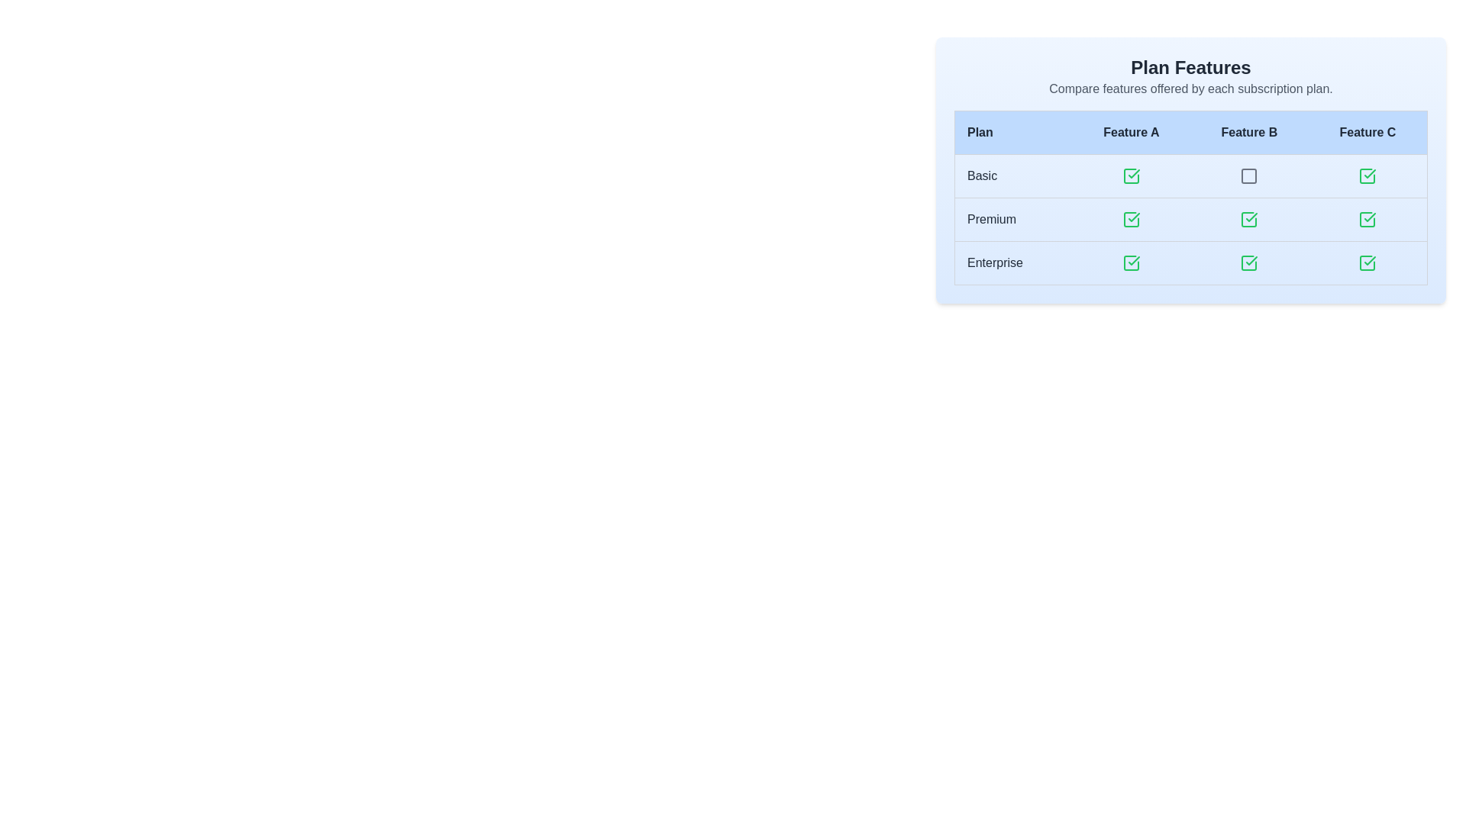  Describe the element at coordinates (1368, 175) in the screenshot. I see `the green checkmark icon located in the last cell of the first row under the 'Feature C' column` at that location.